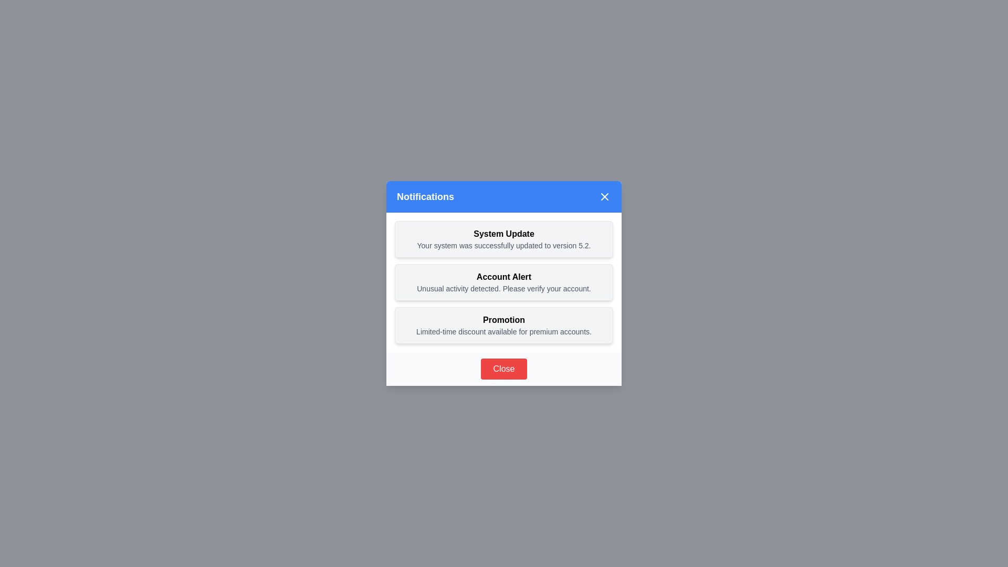 This screenshot has height=567, width=1008. I want to click on the Notification panel indicating the completion of a system update to version 5.2, so click(504, 239).